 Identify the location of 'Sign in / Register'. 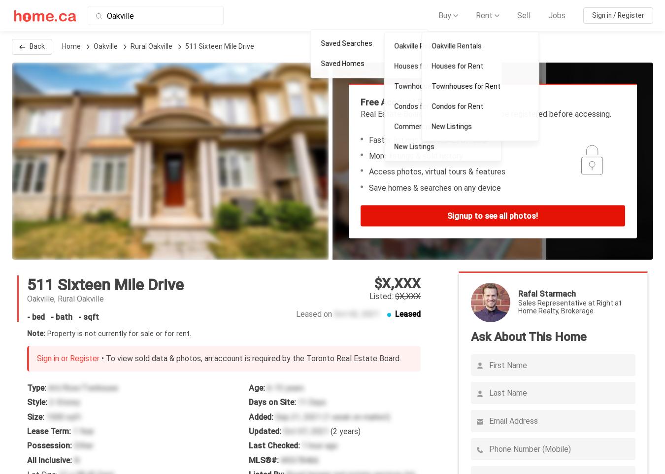
(618, 14).